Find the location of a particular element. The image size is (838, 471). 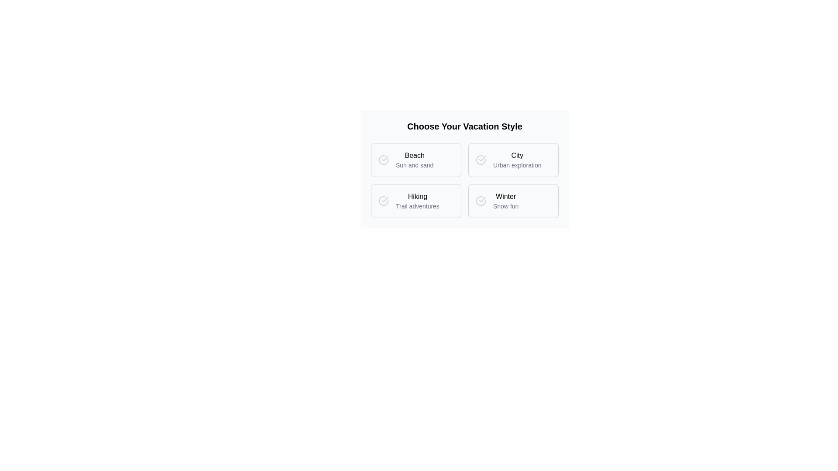

the grid layout containing four distinct vacation style cards, located underneath the title 'Choose Your Vacation Style' is located at coordinates (464, 180).